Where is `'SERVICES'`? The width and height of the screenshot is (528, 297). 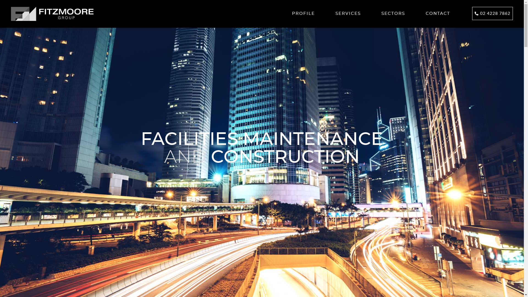
'SERVICES' is located at coordinates (324, 13).